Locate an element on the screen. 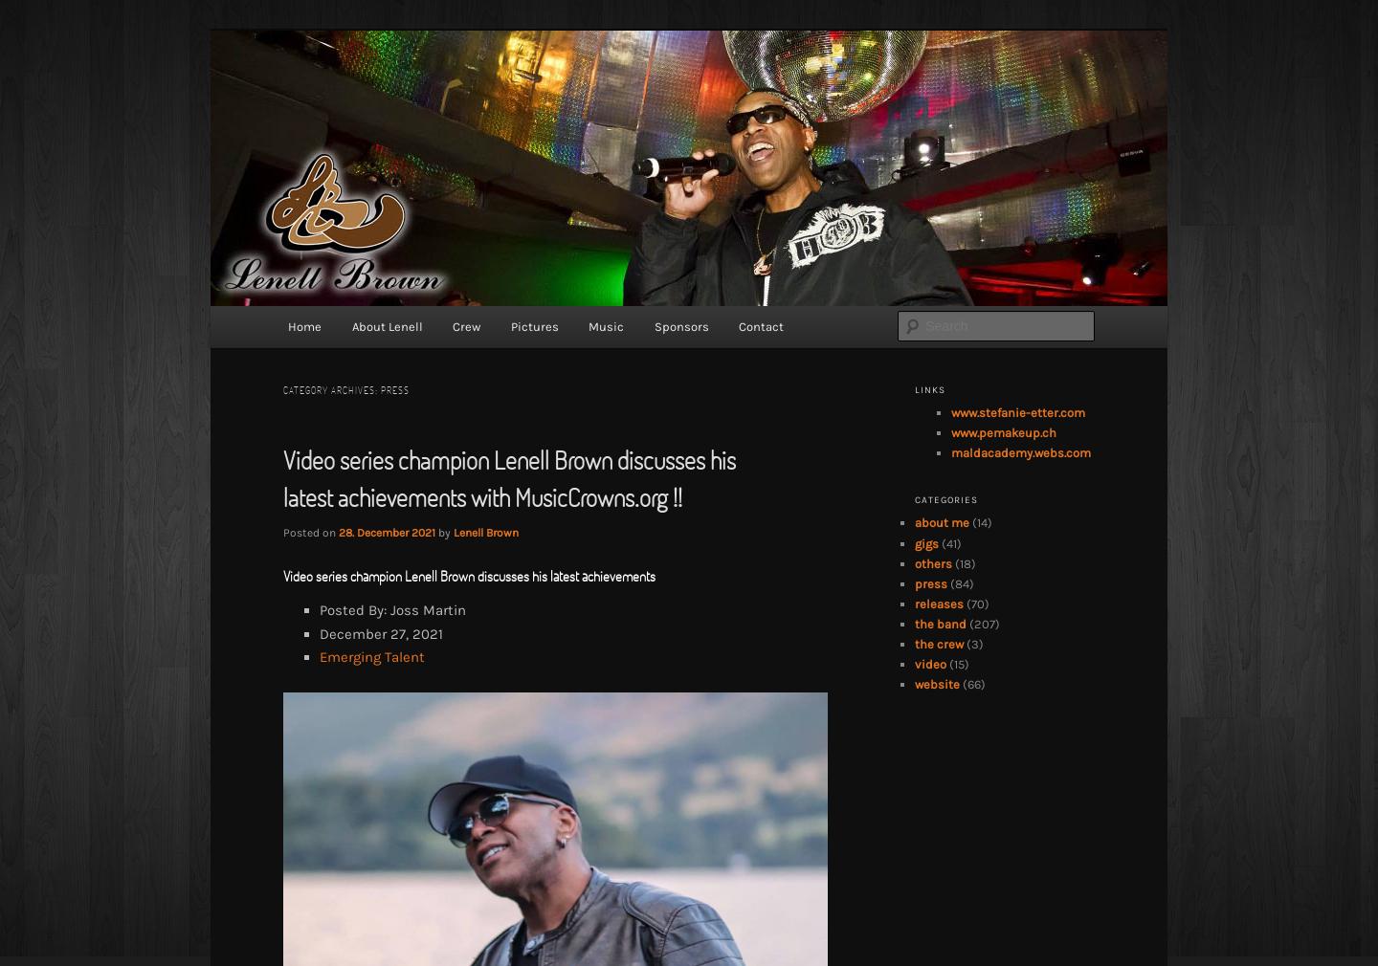 This screenshot has width=1378, height=966. 'www.stefanie-etter.com' is located at coordinates (1017, 411).